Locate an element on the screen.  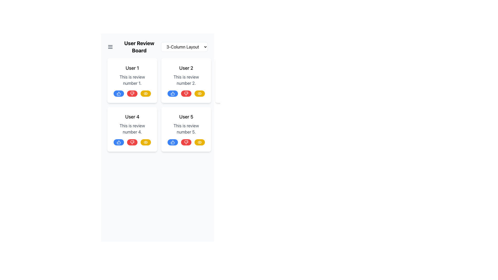
the static text element displaying the review content for 'User 5', located in the bottom row and third column of the review cards grid layout is located at coordinates (186, 129).